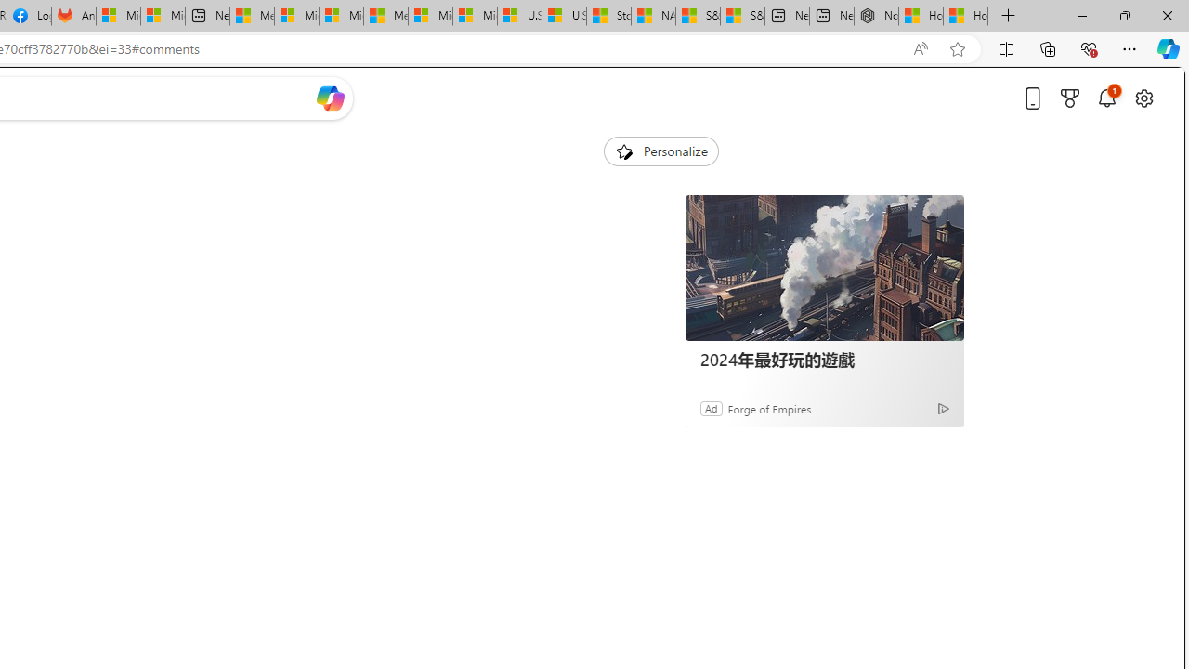  Describe the element at coordinates (295, 16) in the screenshot. I see `'Microsoft account | Privacy'` at that location.